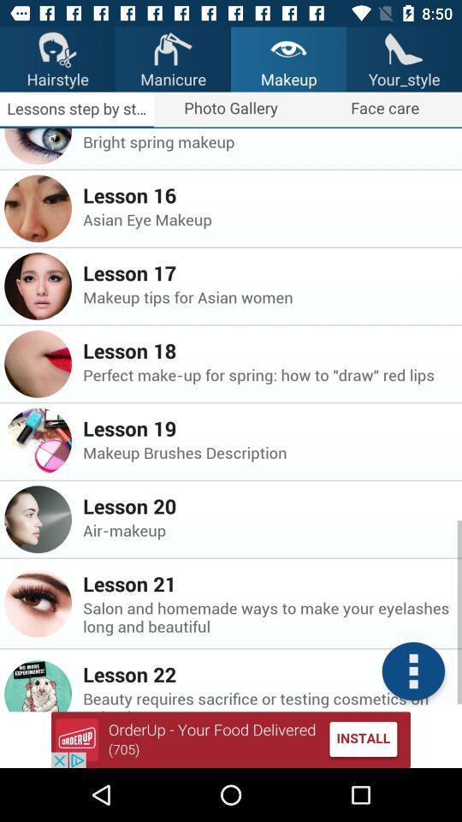  Describe the element at coordinates (231, 739) in the screenshot. I see `the opion` at that location.